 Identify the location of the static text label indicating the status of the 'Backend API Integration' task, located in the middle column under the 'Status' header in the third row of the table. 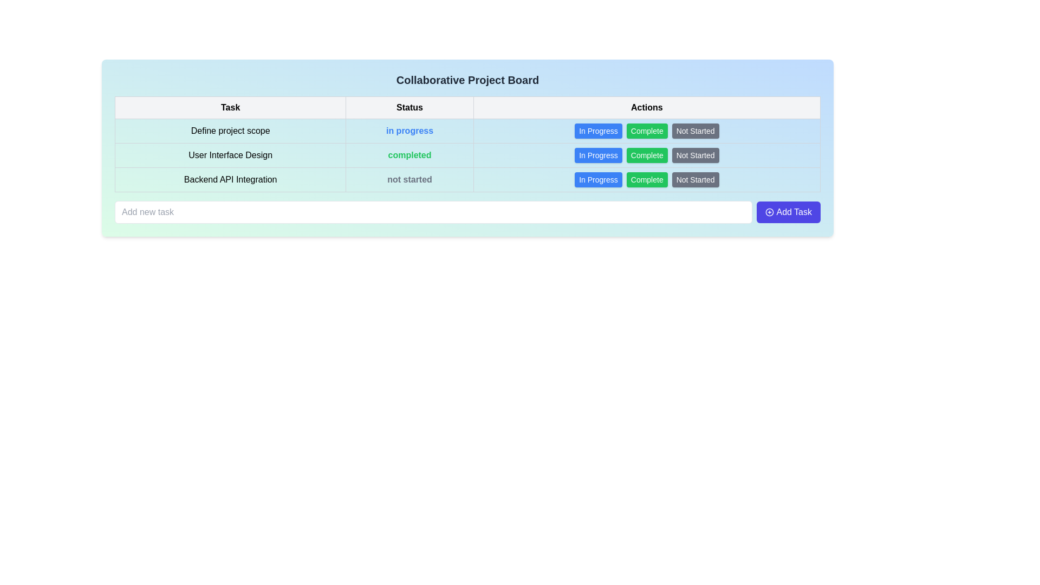
(409, 179).